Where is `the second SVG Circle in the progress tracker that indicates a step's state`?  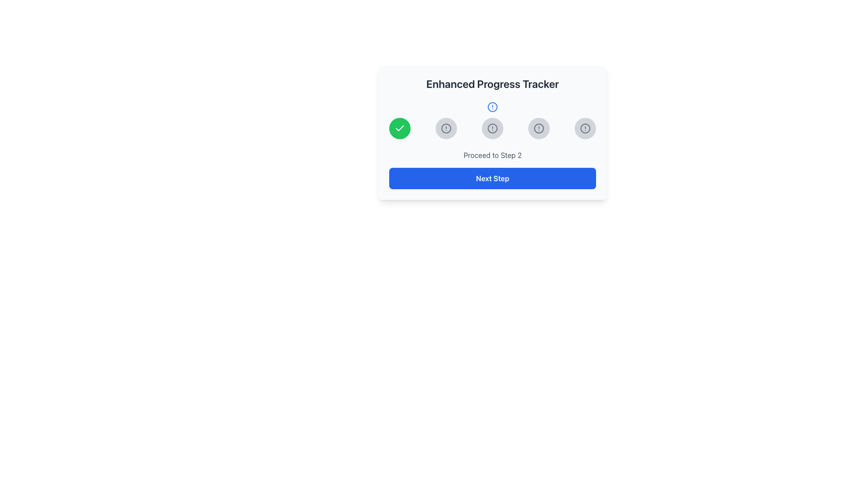
the second SVG Circle in the progress tracker that indicates a step's state is located at coordinates (446, 129).